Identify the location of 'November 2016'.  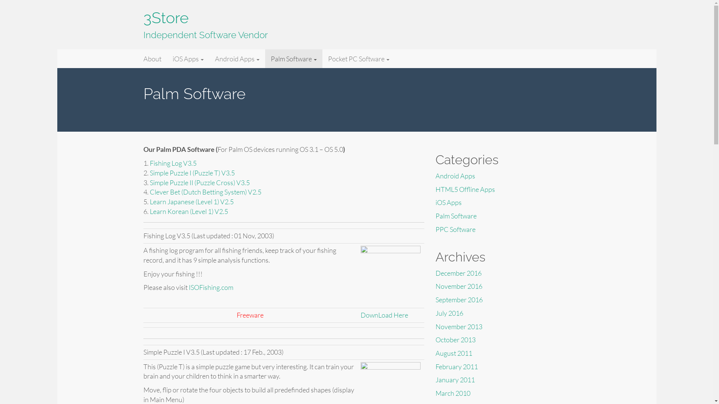
(458, 286).